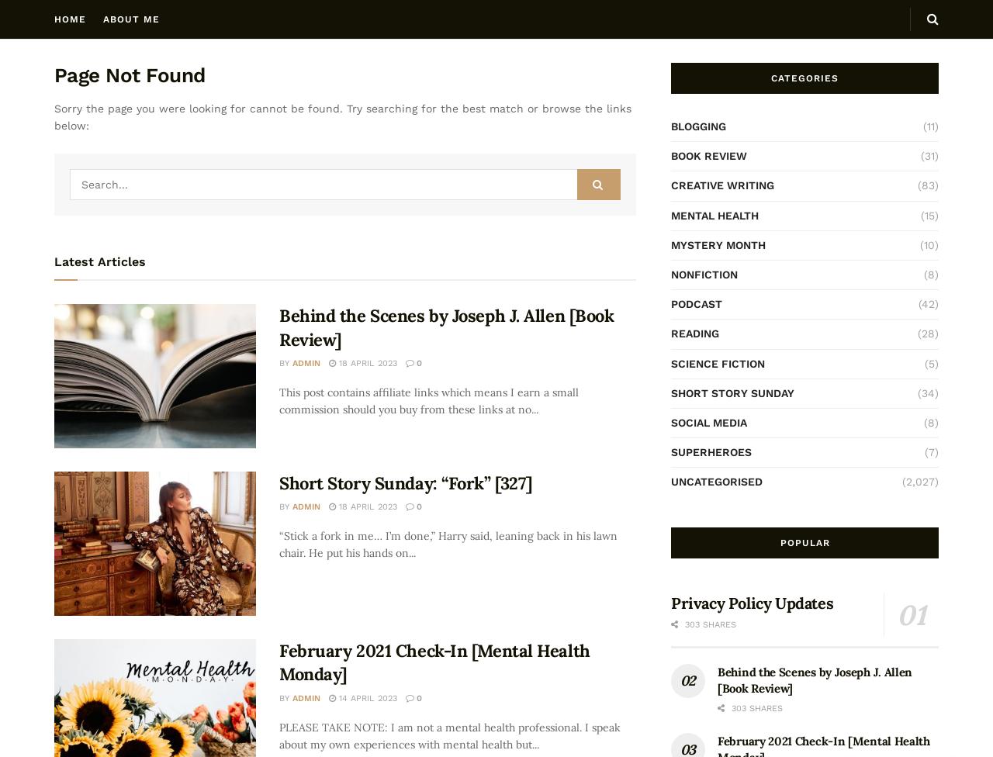 The width and height of the screenshot is (993, 757). I want to click on '(34)', so click(917, 392).